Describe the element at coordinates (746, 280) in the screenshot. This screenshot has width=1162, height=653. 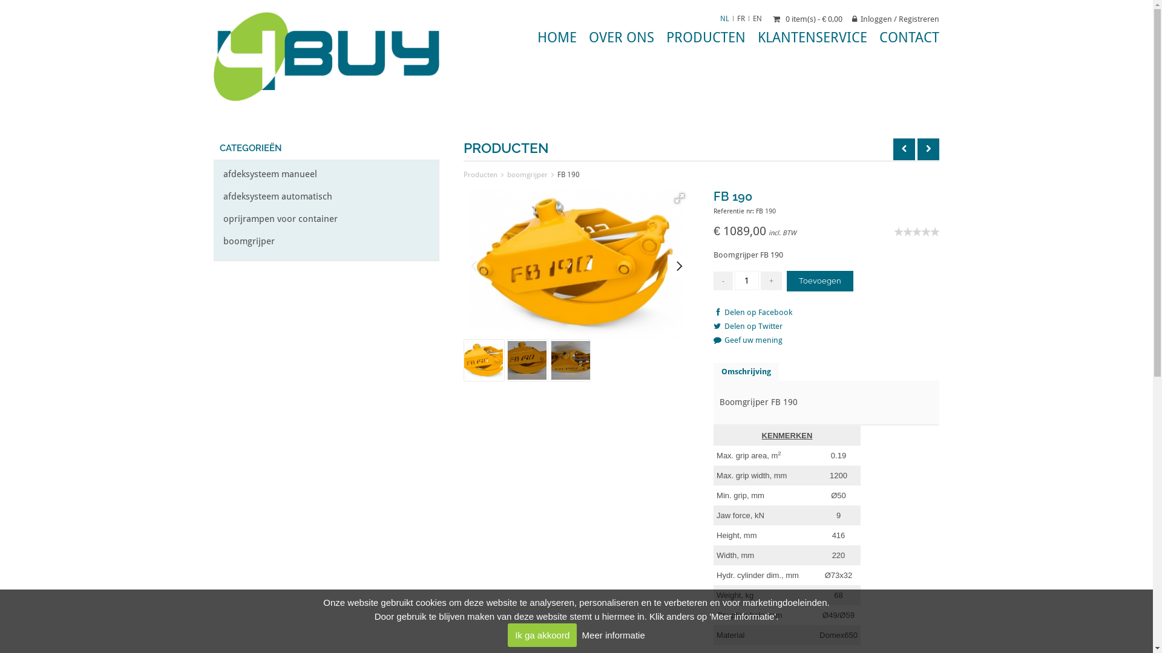
I see `'Qty'` at that location.